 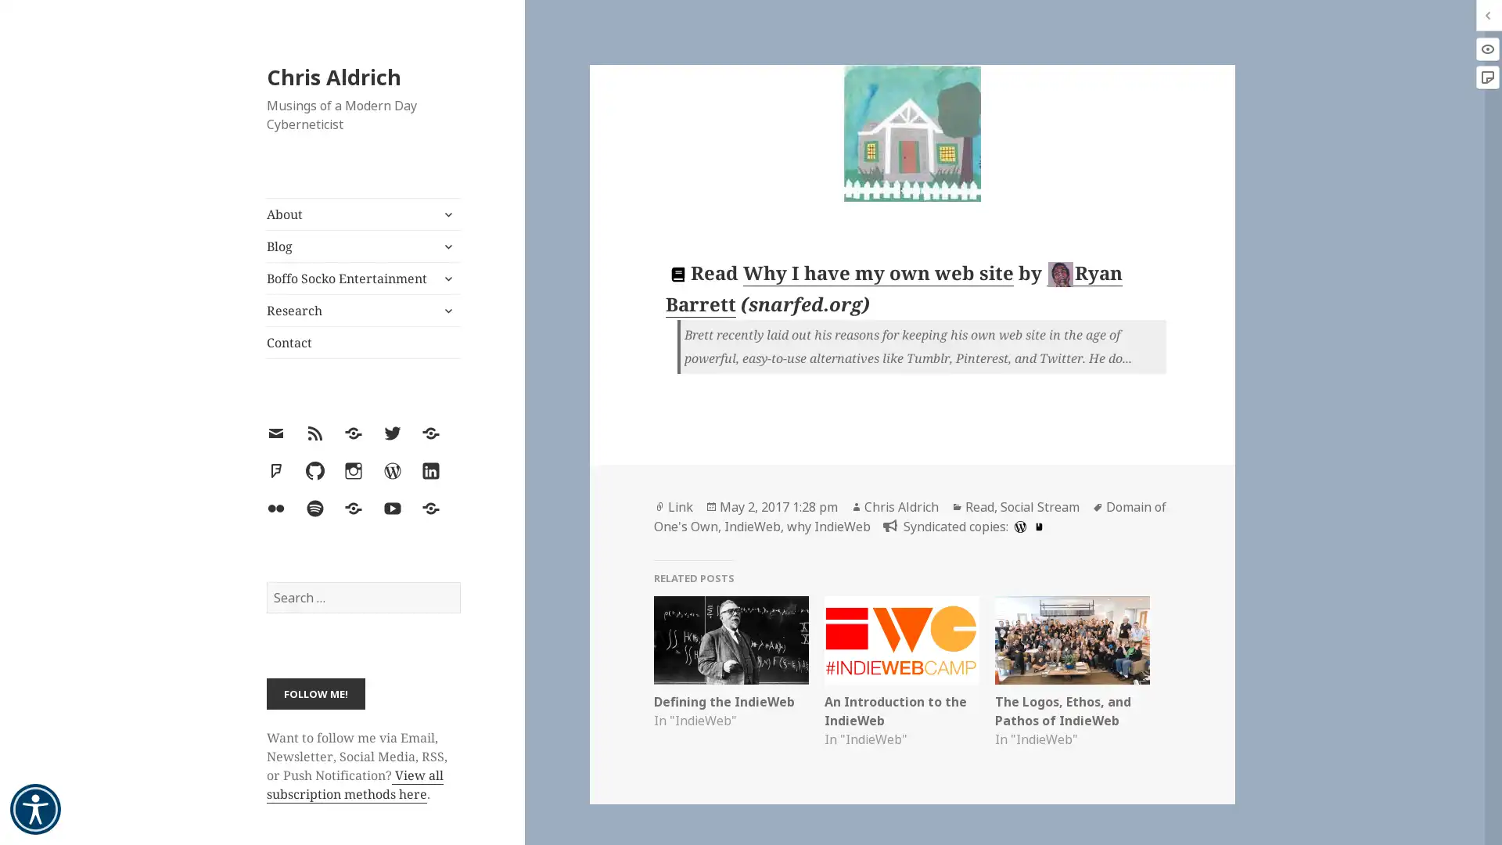 I want to click on Follow Me!, so click(x=314, y=692).